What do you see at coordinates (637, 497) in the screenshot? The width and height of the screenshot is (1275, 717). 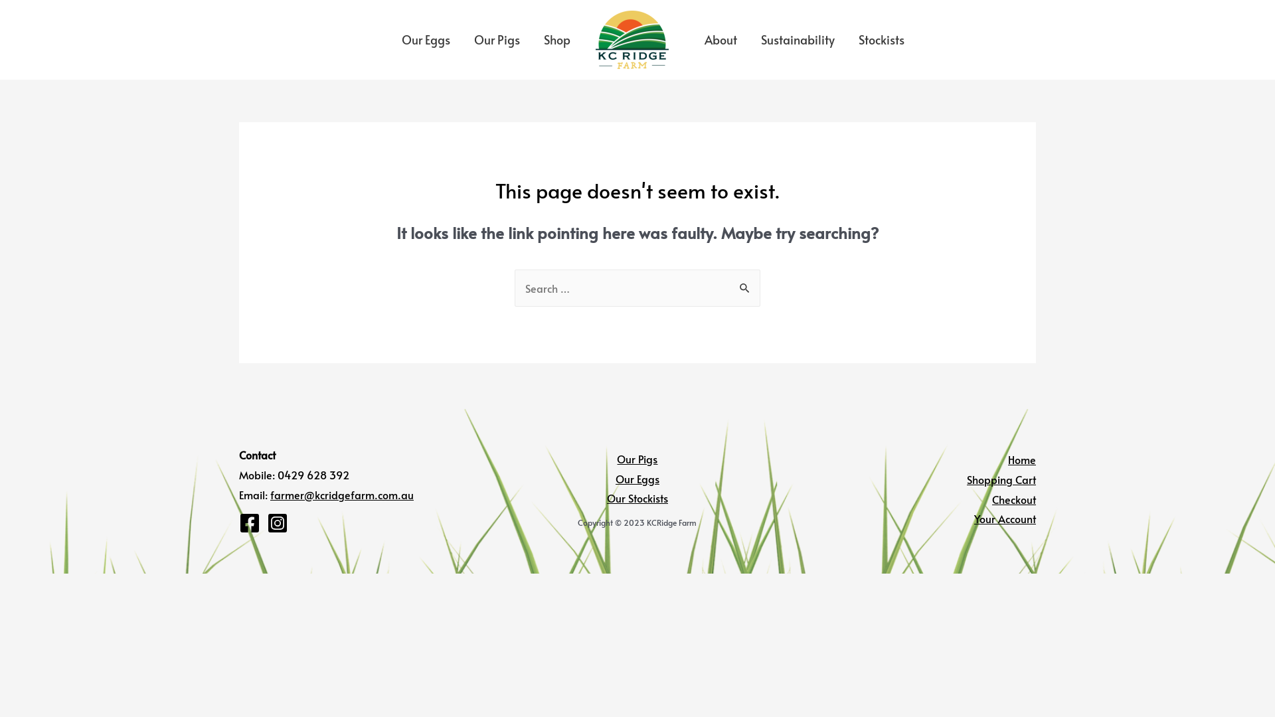 I see `'Our Stockists'` at bounding box center [637, 497].